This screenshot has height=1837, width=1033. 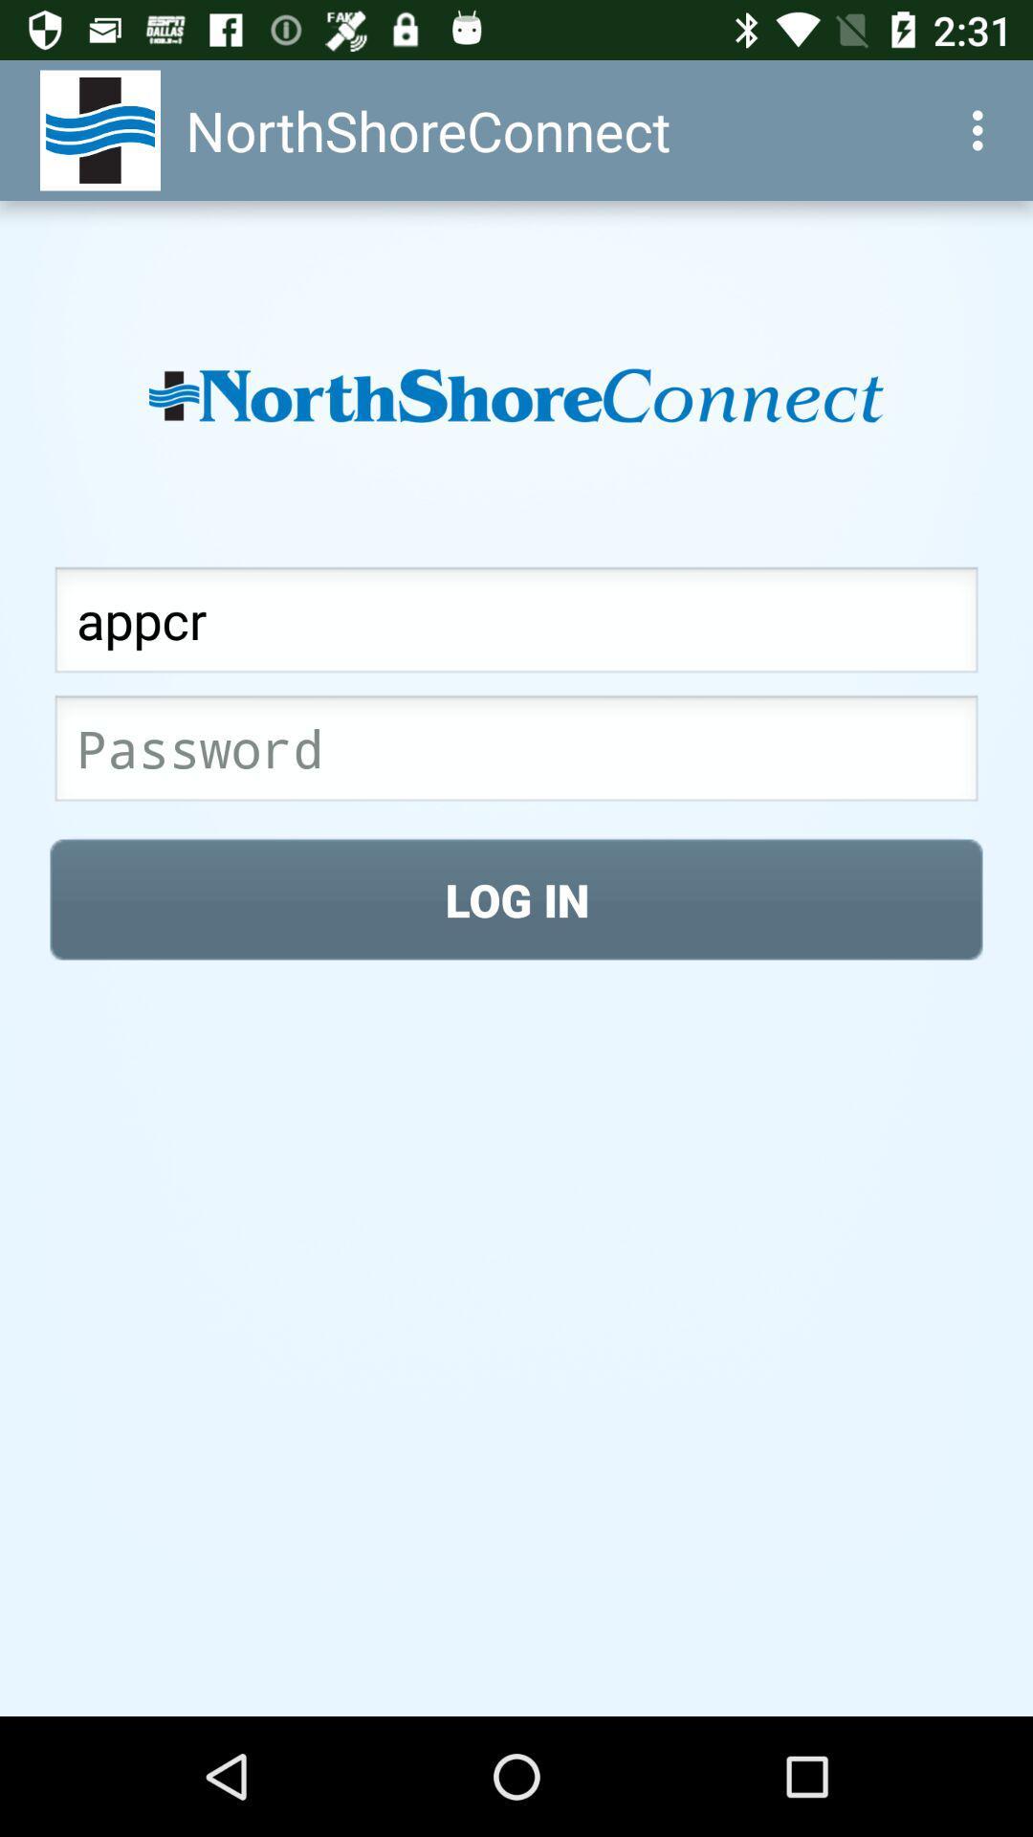 I want to click on password now, so click(x=516, y=753).